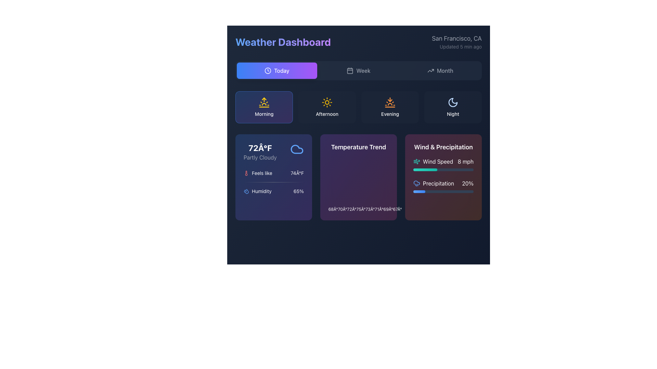 This screenshot has height=369, width=657. What do you see at coordinates (264, 107) in the screenshot?
I see `the 'Morning' button, which is a rectangular button with a rounded border, featuring a gradient background and a sunrise icon` at bounding box center [264, 107].